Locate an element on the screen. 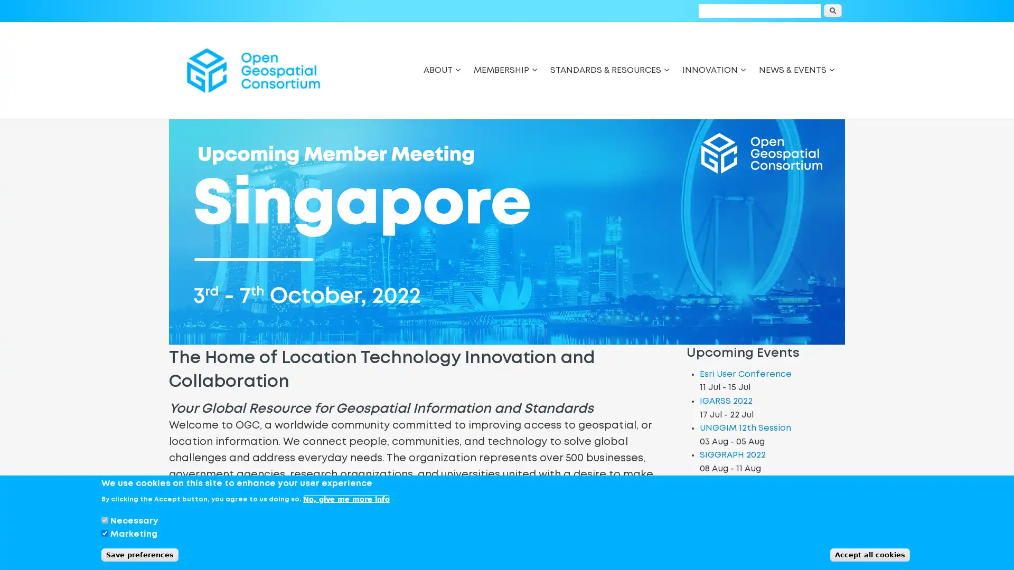 The height and width of the screenshot is (570, 1014). Save preferences is located at coordinates (139, 554).